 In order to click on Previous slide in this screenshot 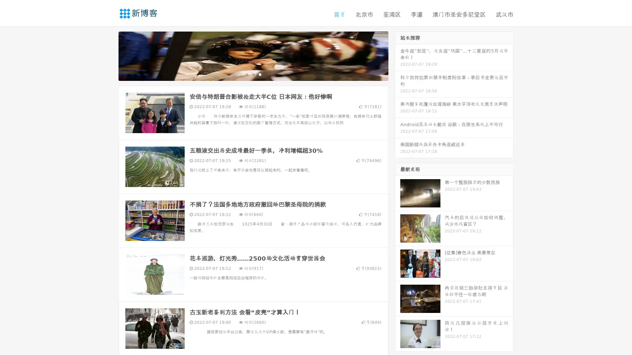, I will do `click(109, 55)`.